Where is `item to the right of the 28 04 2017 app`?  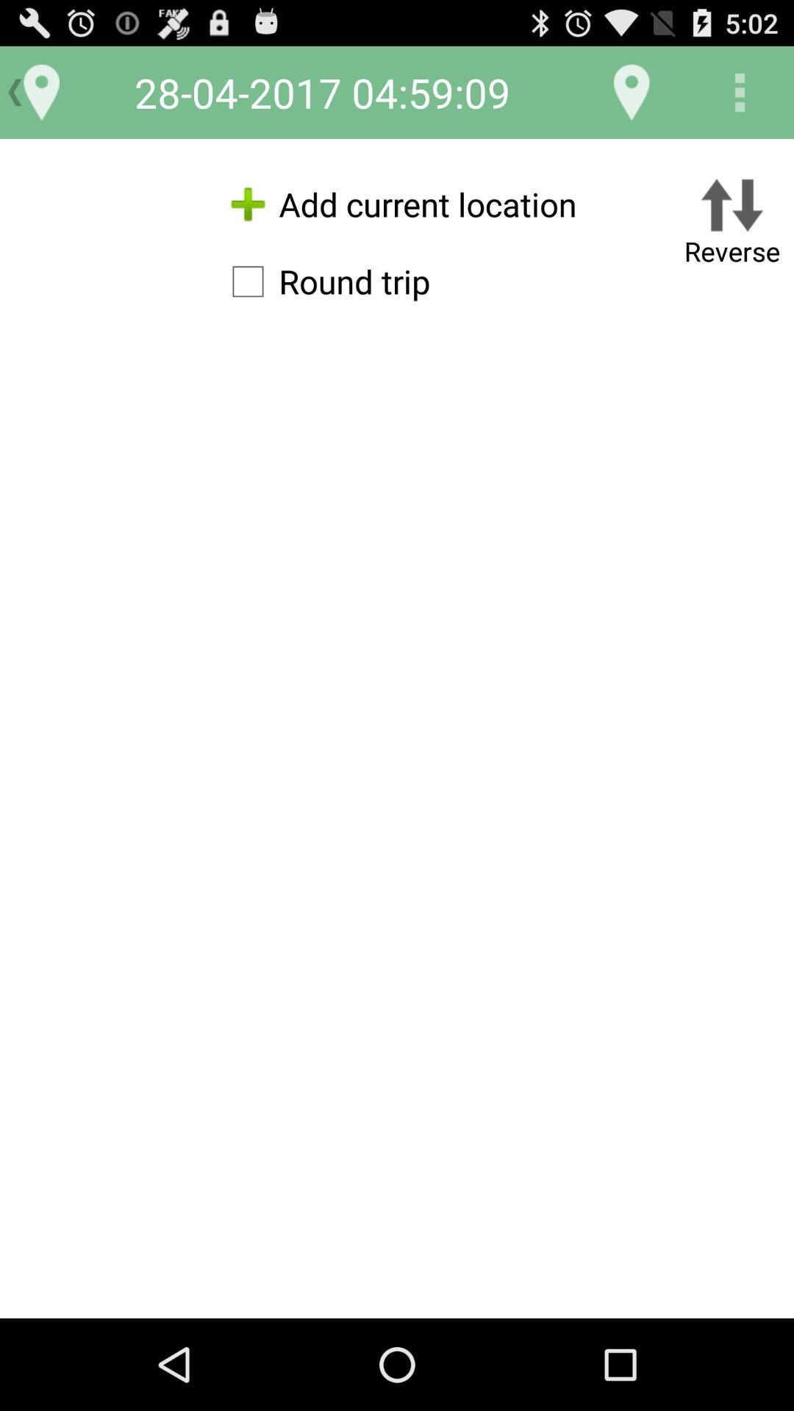
item to the right of the 28 04 2017 app is located at coordinates (631, 91).